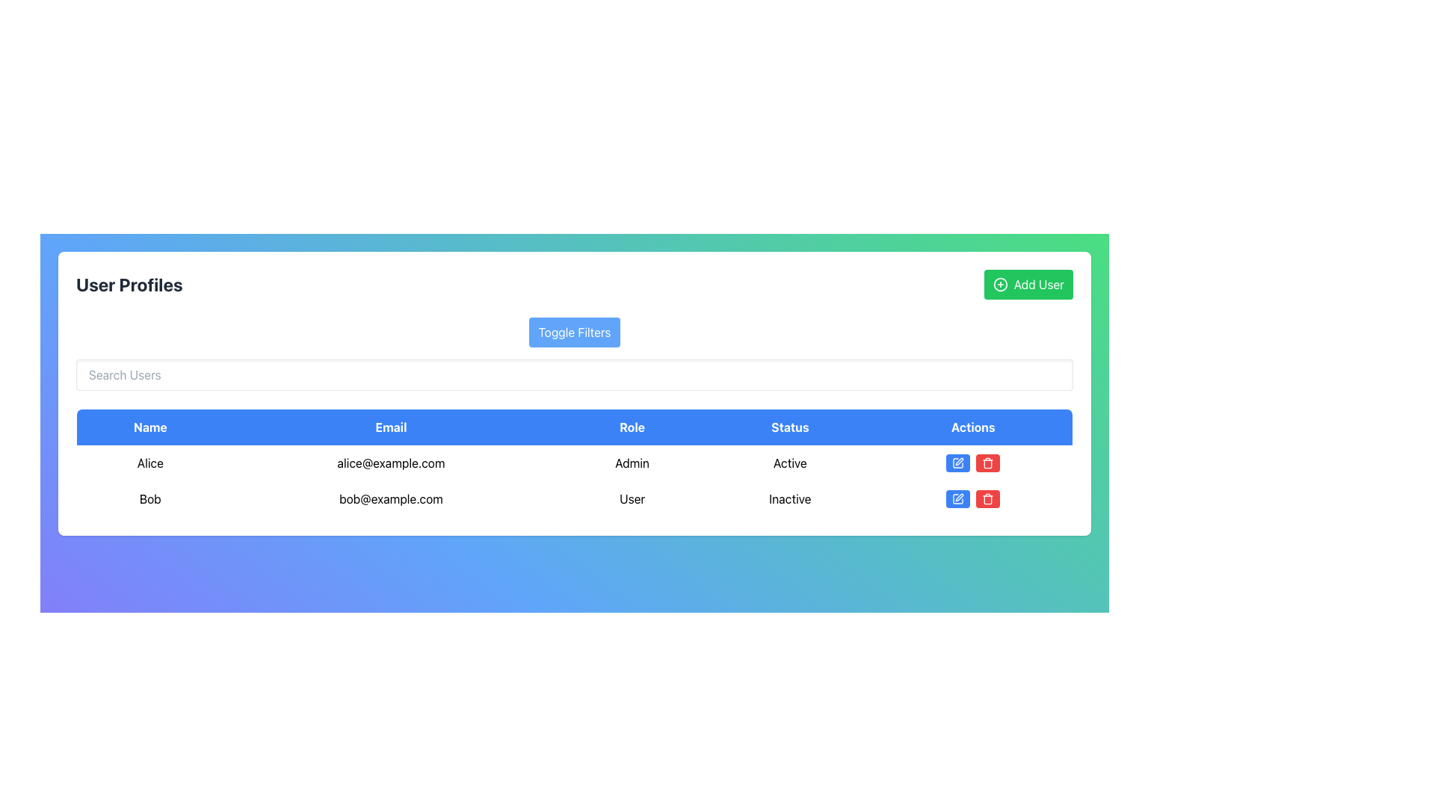 The height and width of the screenshot is (807, 1435). Describe the element at coordinates (988, 498) in the screenshot. I see `the delete button in the 'Actions' column of the second row in the user profile table` at that location.